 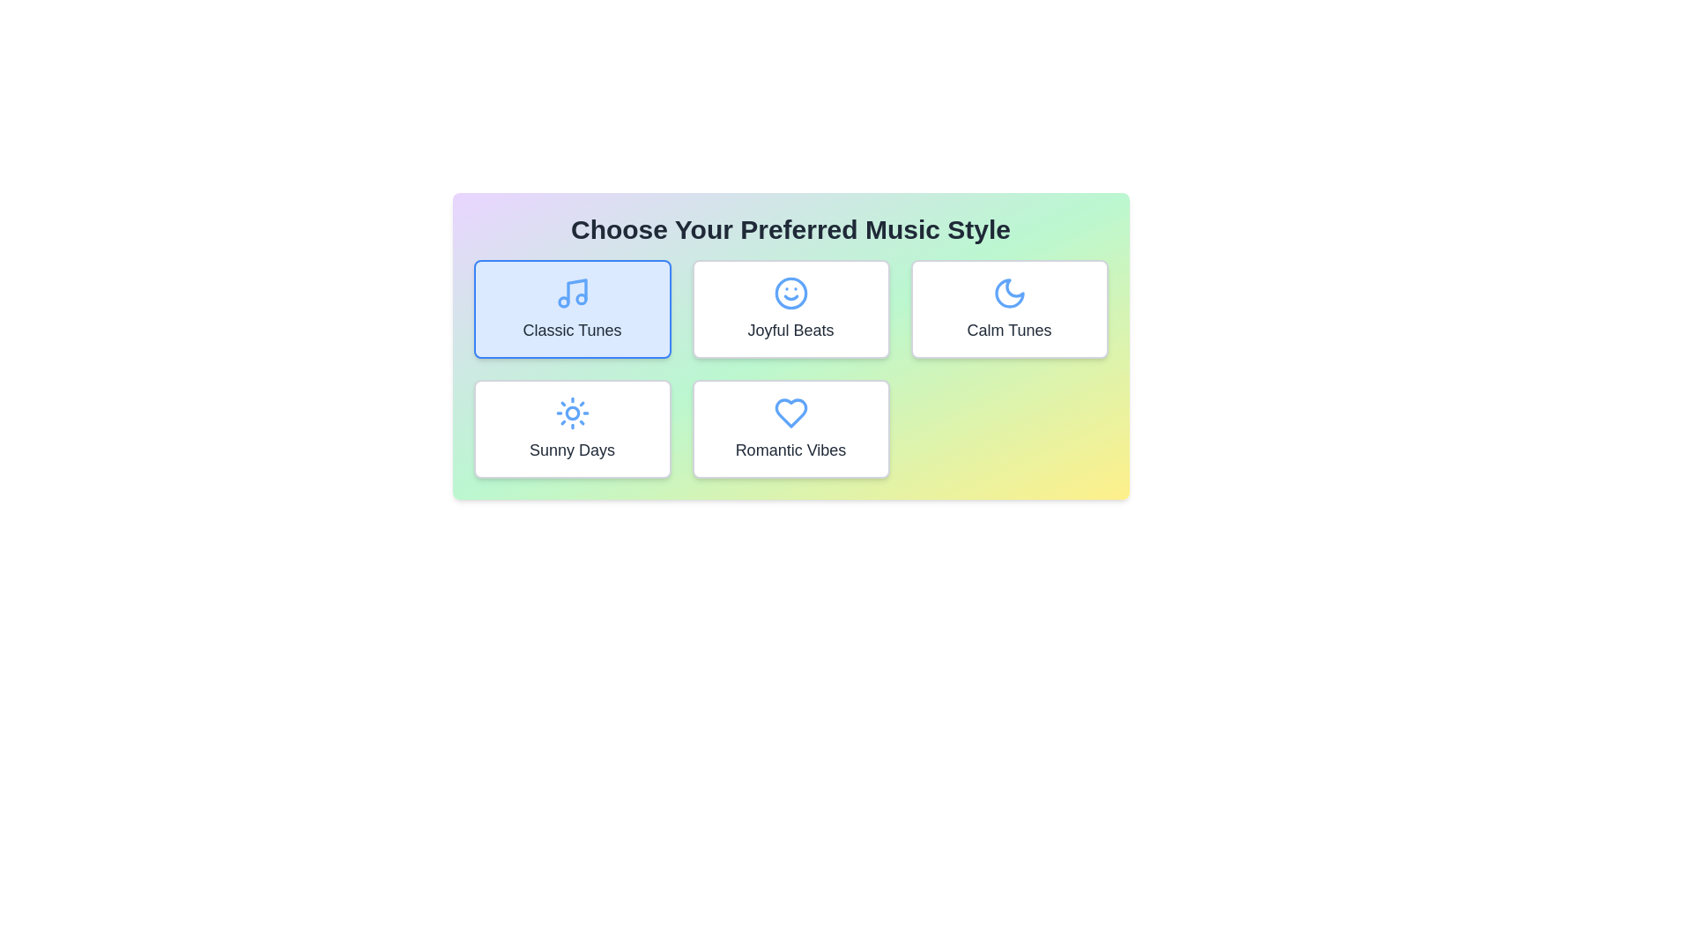 I want to click on the 'Classic Tunes' text label, which serves as an identifying label for the associated musical note icon in the selection menu, so click(x=572, y=330).